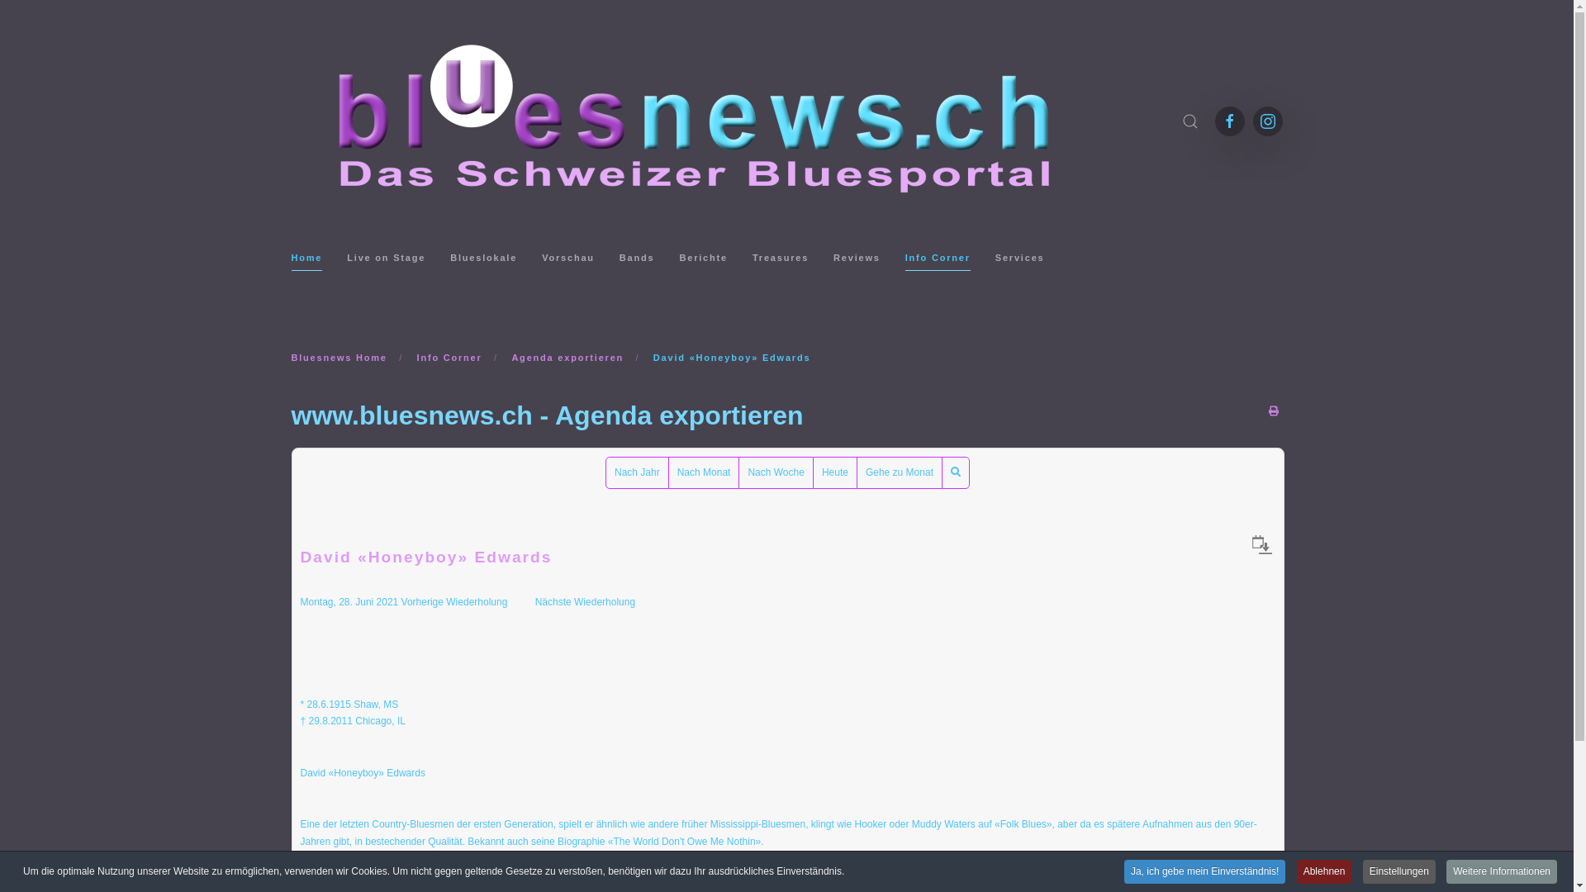  What do you see at coordinates (775, 472) in the screenshot?
I see `'Nach Woche'` at bounding box center [775, 472].